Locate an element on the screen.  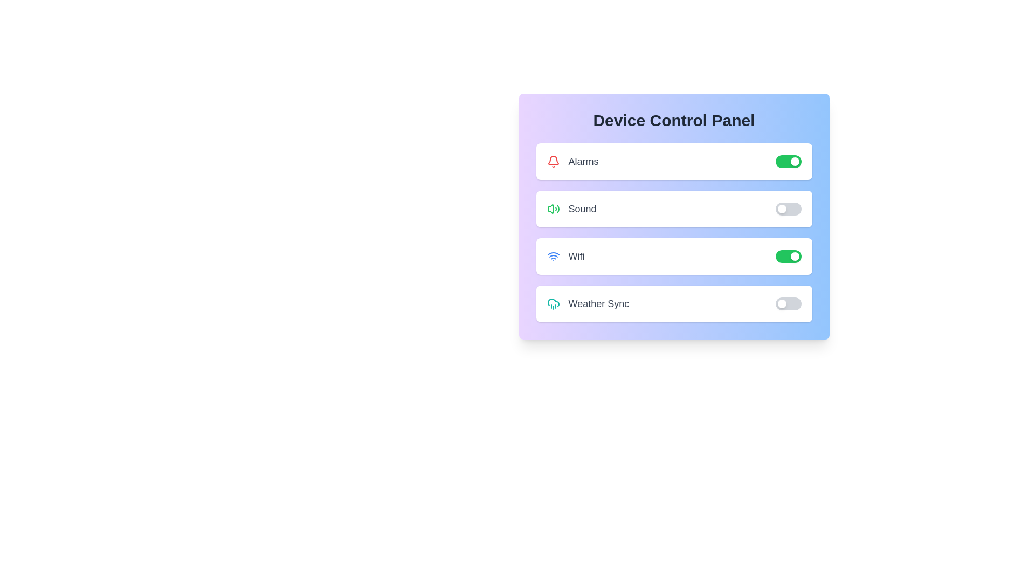
the toggle switch for the 'Alarms' feature is located at coordinates (788, 162).